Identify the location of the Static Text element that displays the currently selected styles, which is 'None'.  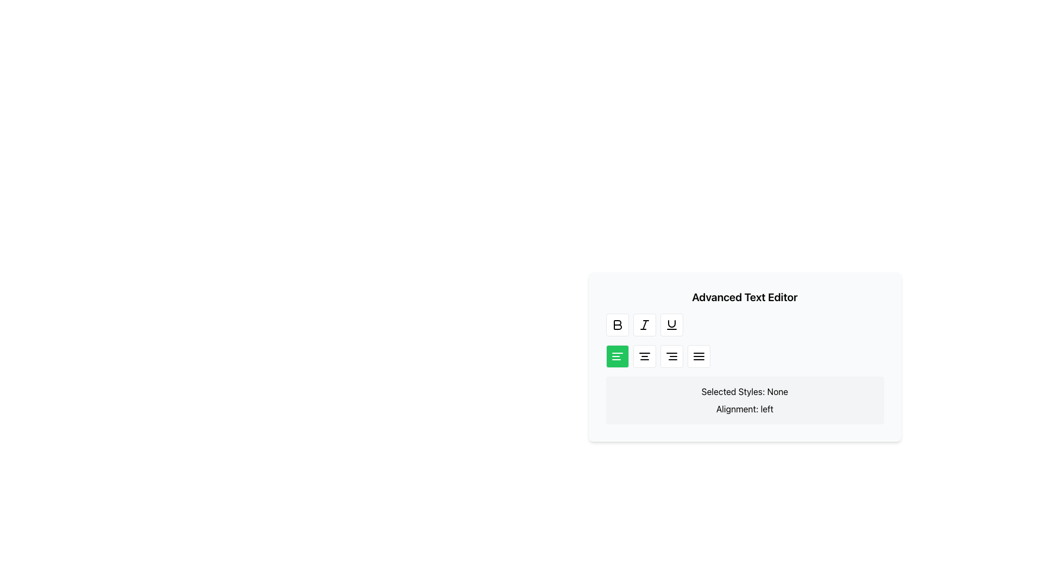
(744, 391).